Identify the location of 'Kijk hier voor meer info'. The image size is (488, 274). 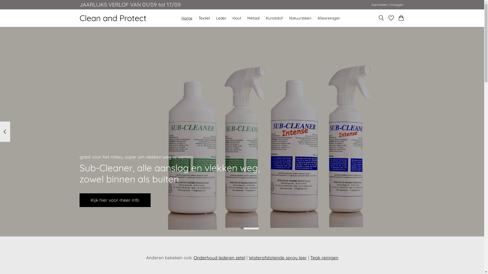
(114, 200).